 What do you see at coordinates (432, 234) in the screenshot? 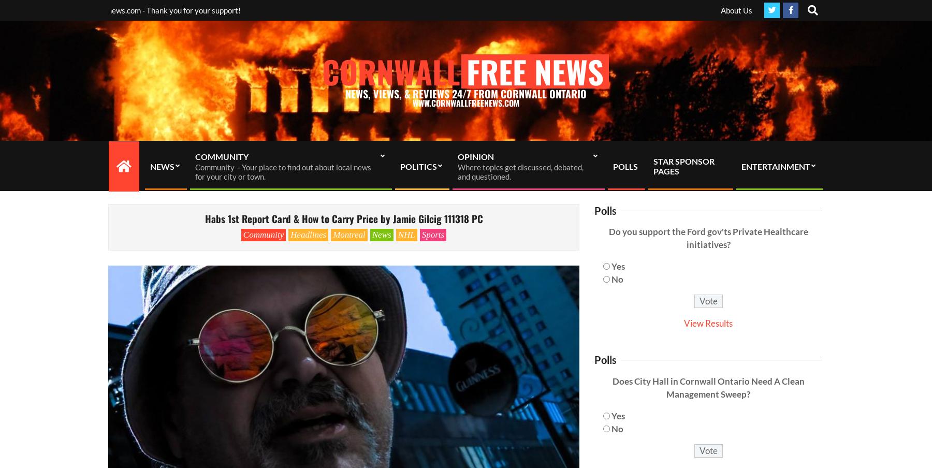
I see `'Sports'` at bounding box center [432, 234].